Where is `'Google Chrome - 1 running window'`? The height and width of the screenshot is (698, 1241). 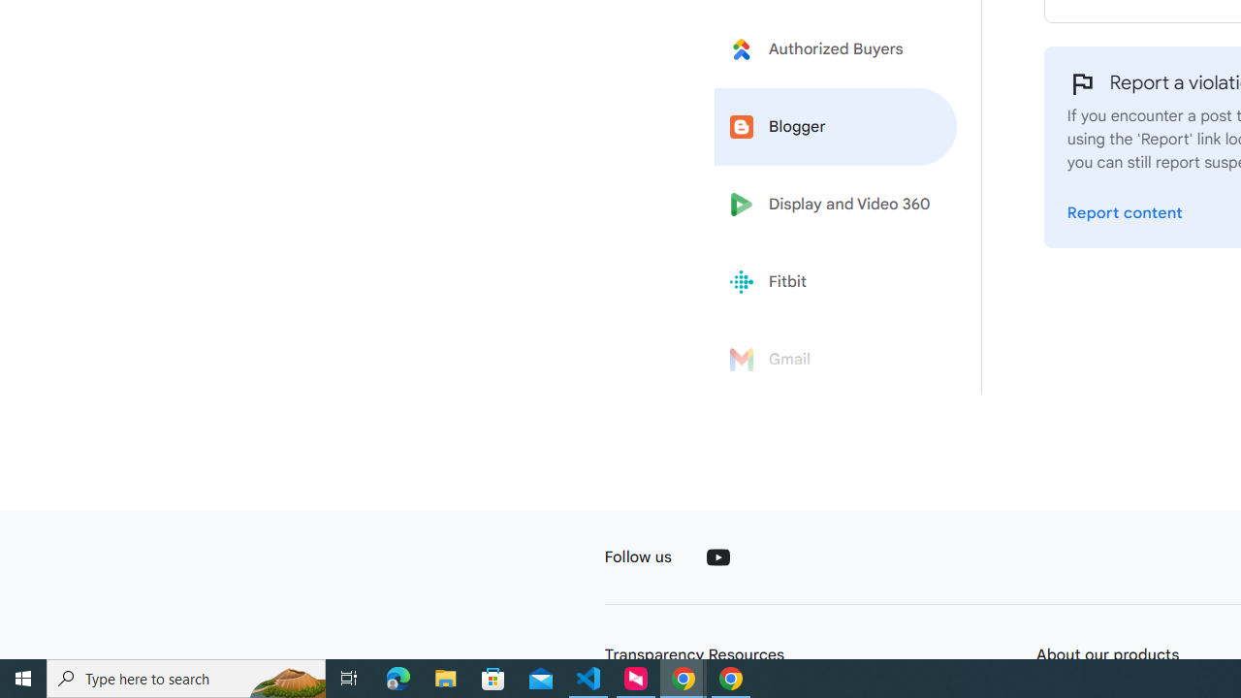 'Google Chrome - 1 running window' is located at coordinates (730, 677).